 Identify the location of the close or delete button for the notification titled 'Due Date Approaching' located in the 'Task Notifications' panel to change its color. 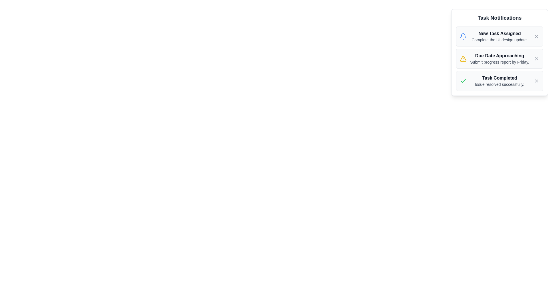
(536, 58).